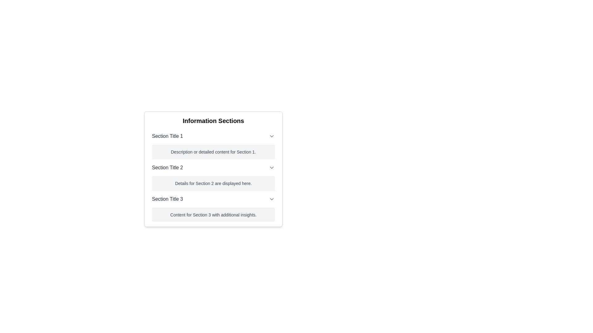 The height and width of the screenshot is (333, 593). What do you see at coordinates (167, 199) in the screenshot?
I see `the text label displaying 'Section Title 3'` at bounding box center [167, 199].